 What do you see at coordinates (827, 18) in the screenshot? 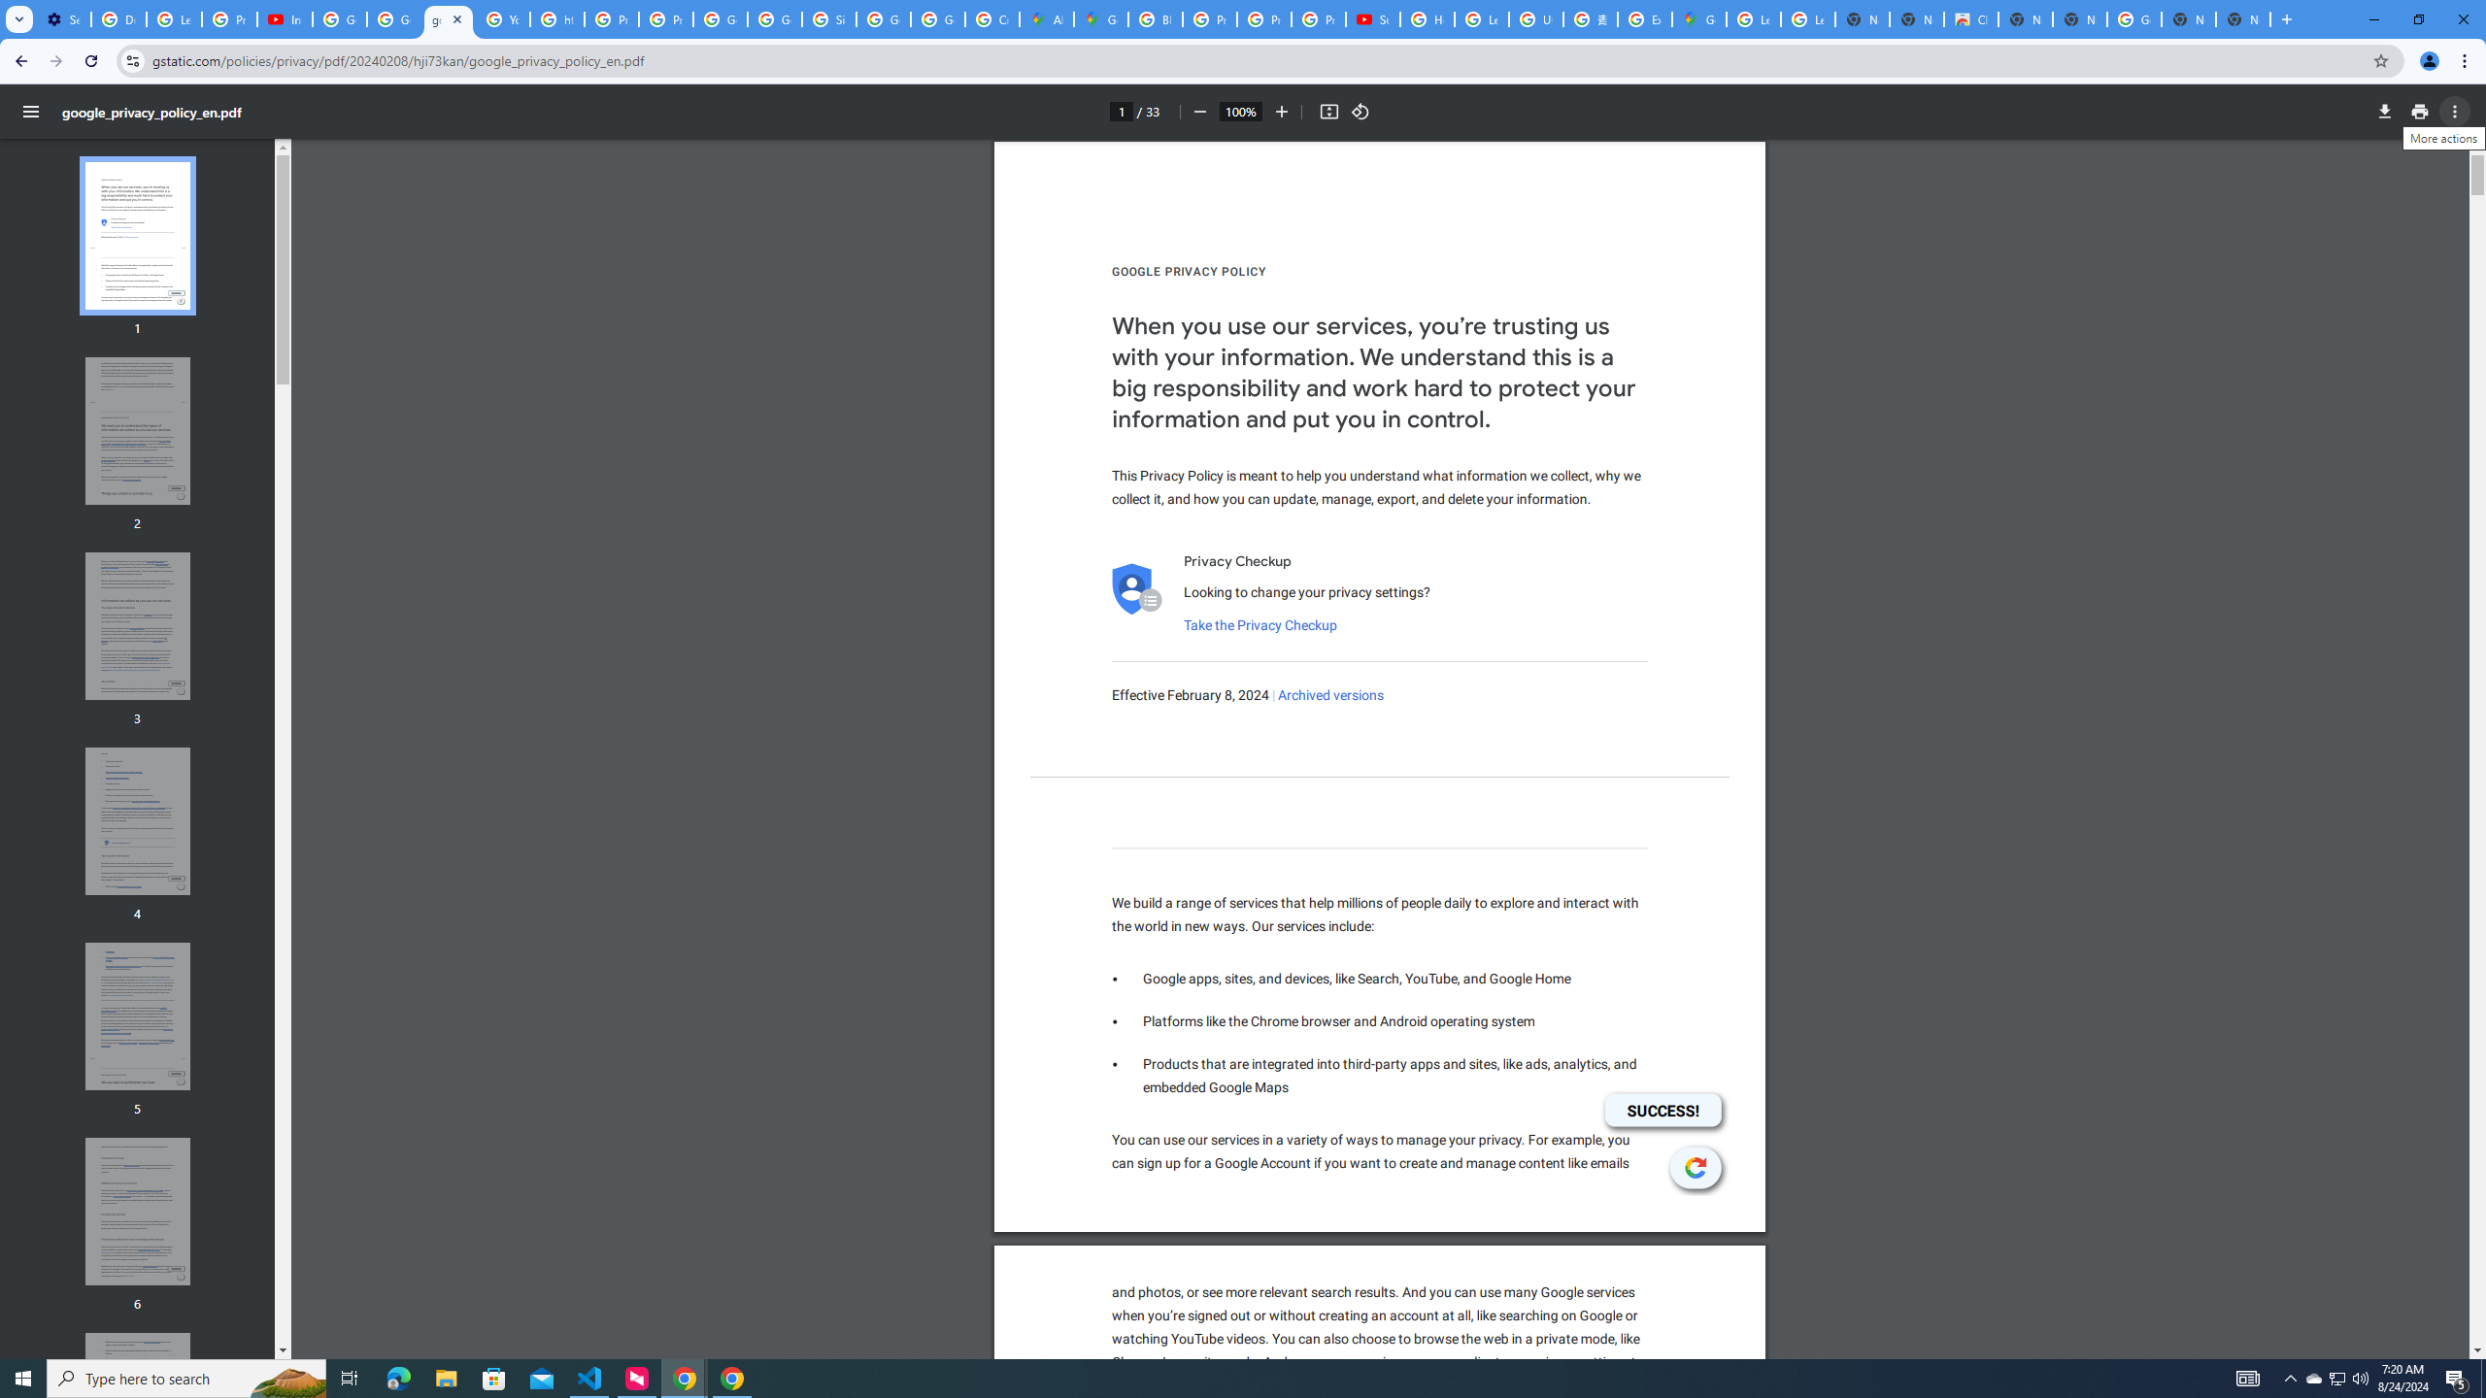
I see `'Sign in - Google Accounts'` at bounding box center [827, 18].